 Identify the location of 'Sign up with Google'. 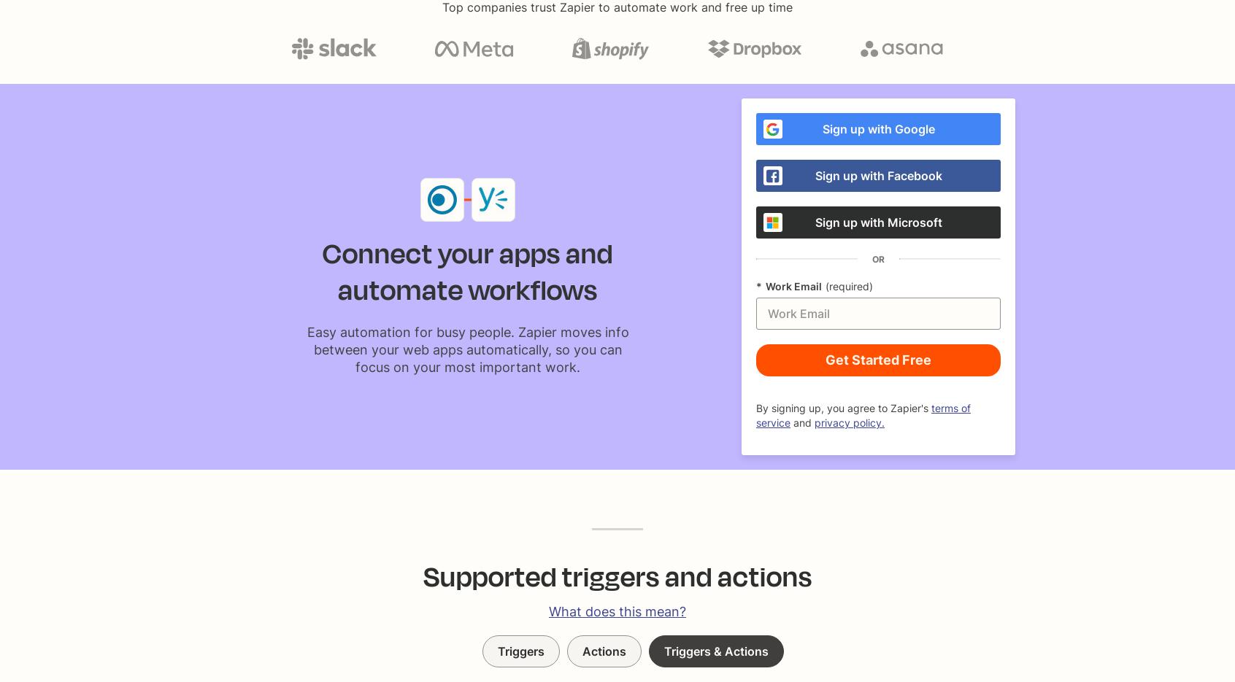
(878, 128).